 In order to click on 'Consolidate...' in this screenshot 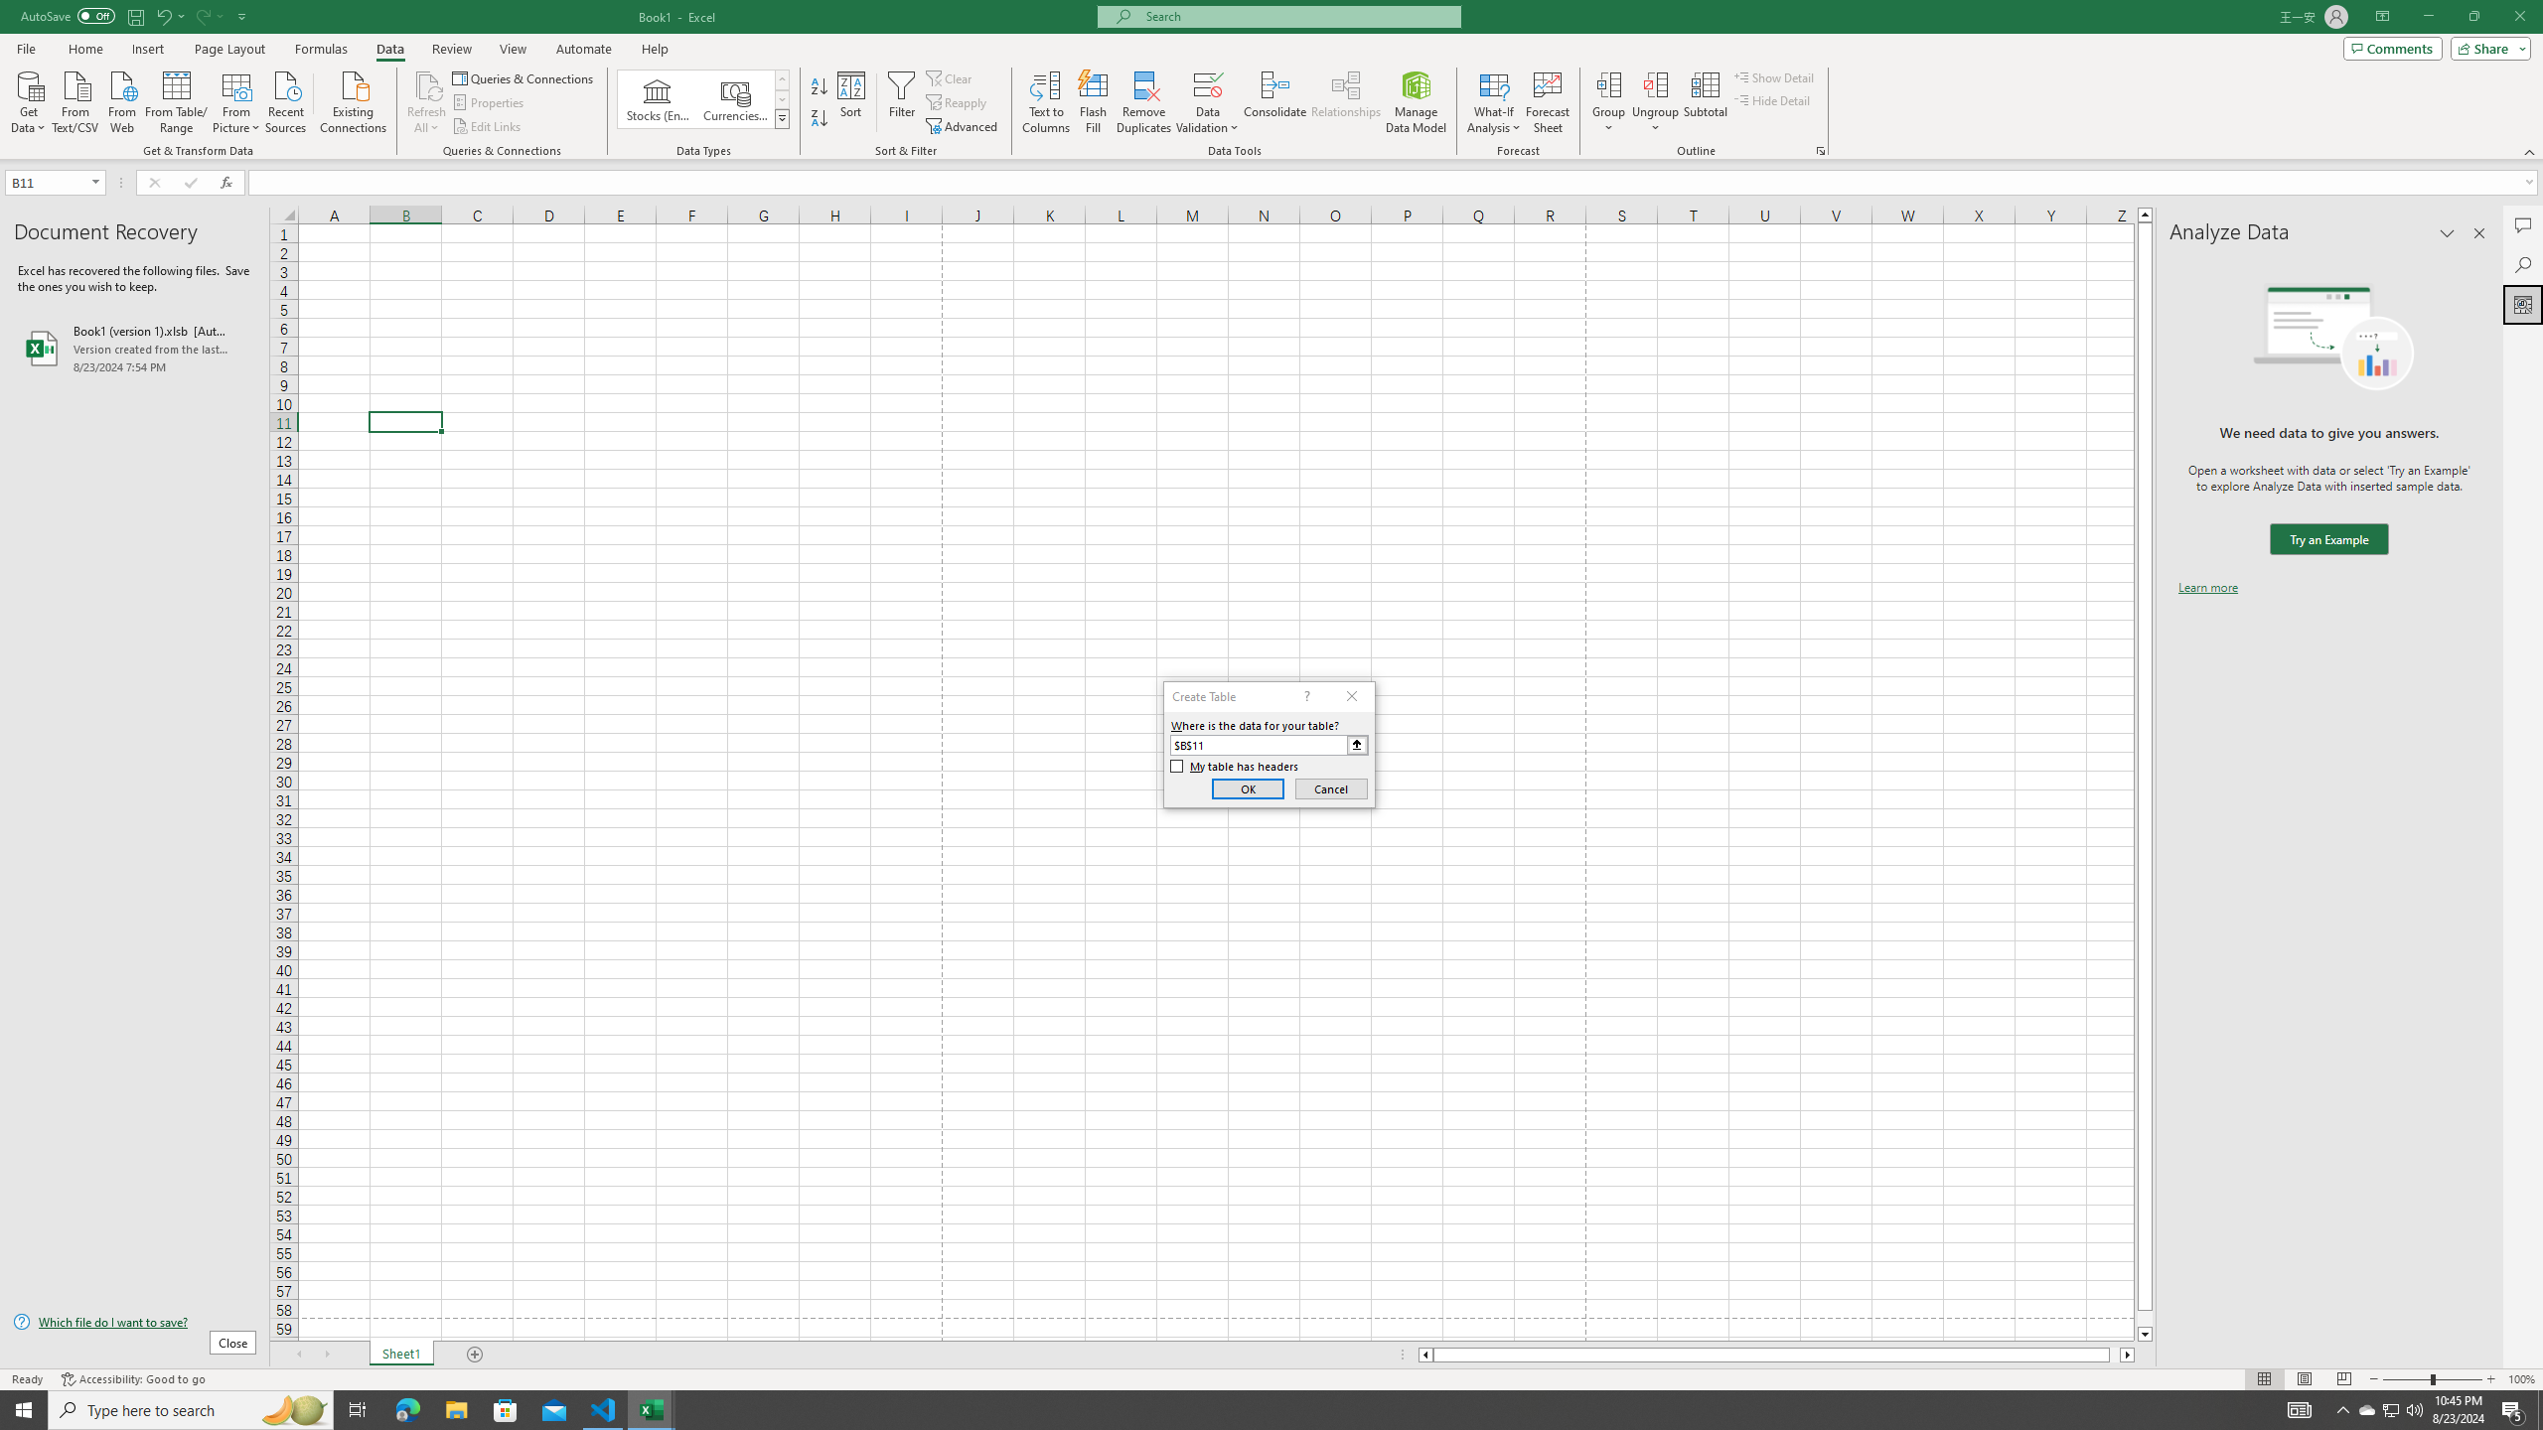, I will do `click(1274, 102)`.